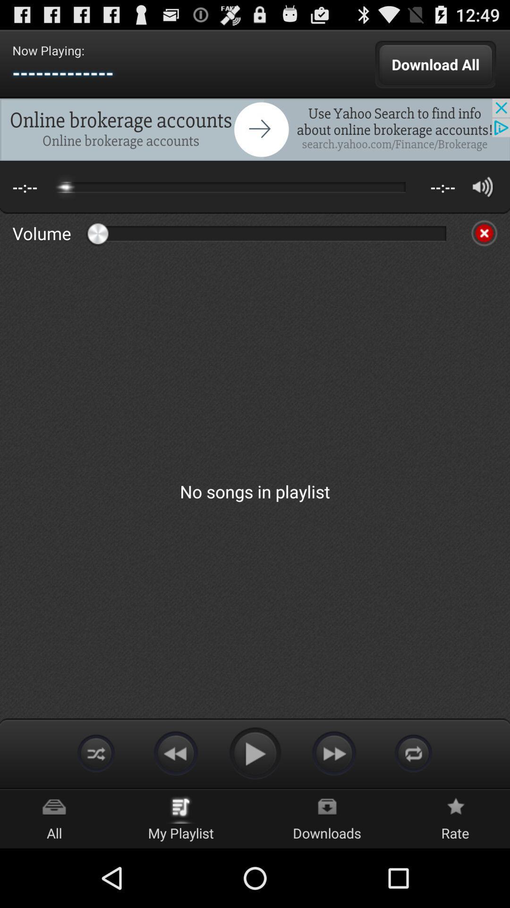 The image size is (510, 908). Describe the element at coordinates (334, 805) in the screenshot. I see `the av_forward icon` at that location.